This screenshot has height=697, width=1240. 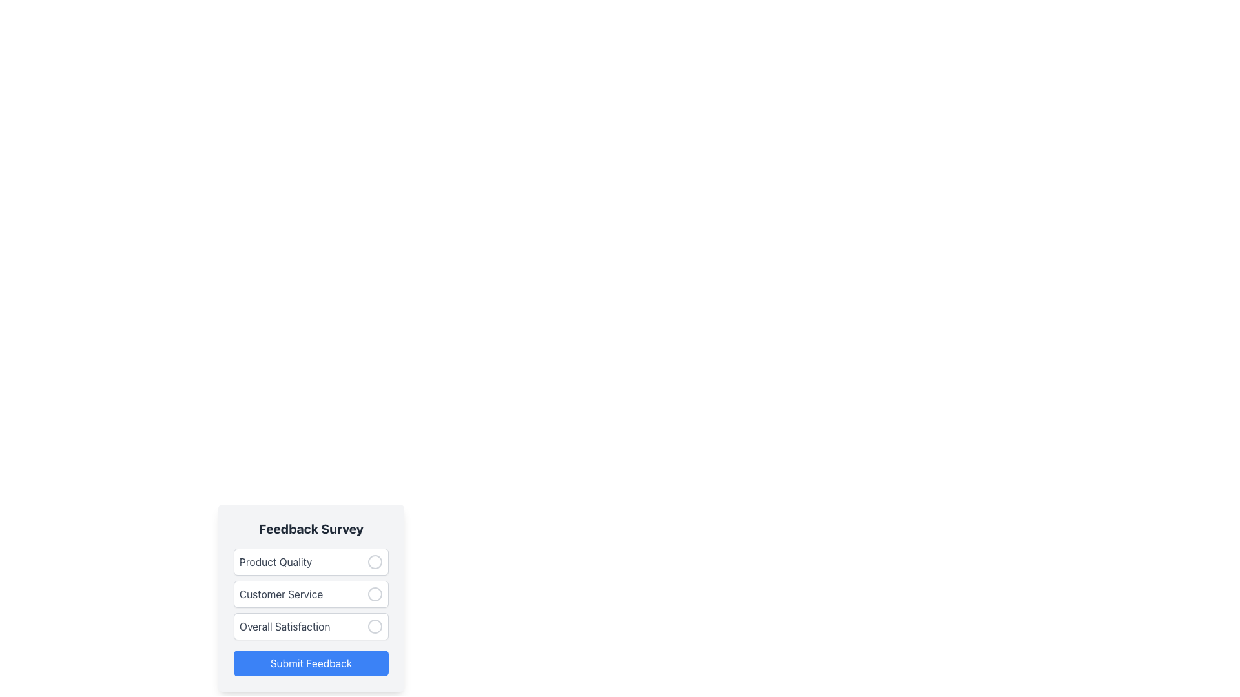 What do you see at coordinates (374, 561) in the screenshot?
I see `the circular radio button located in the 'Product Quality' row of the feedback survey` at bounding box center [374, 561].